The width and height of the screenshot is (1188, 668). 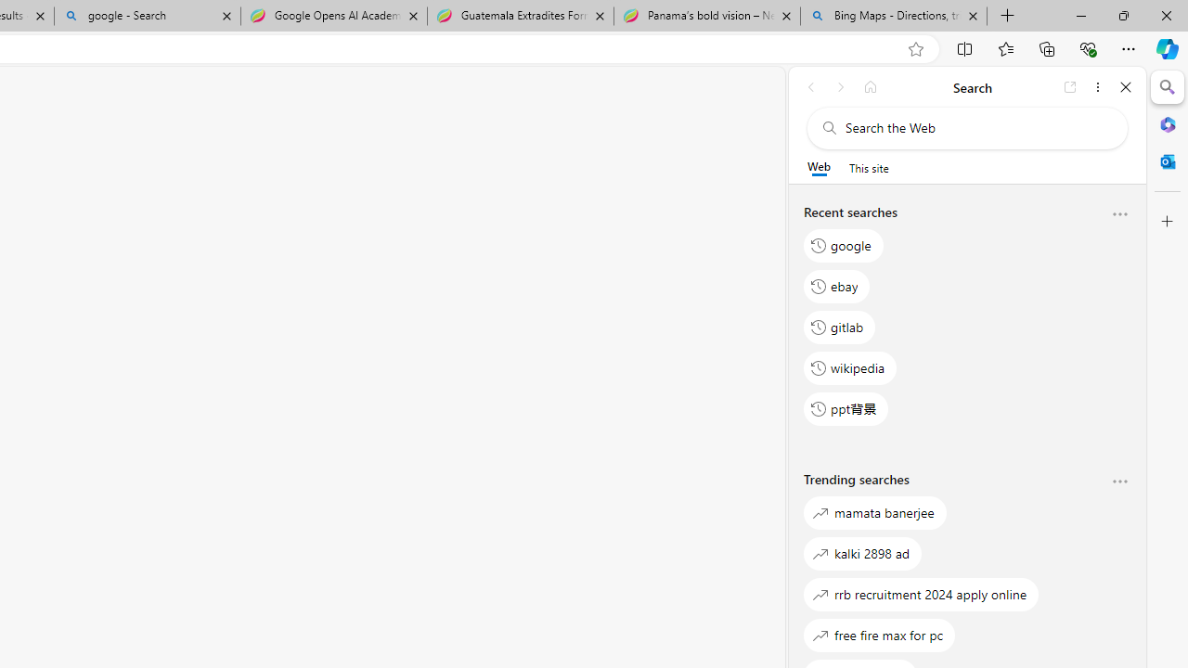 What do you see at coordinates (839, 326) in the screenshot?
I see `'gitlab'` at bounding box center [839, 326].